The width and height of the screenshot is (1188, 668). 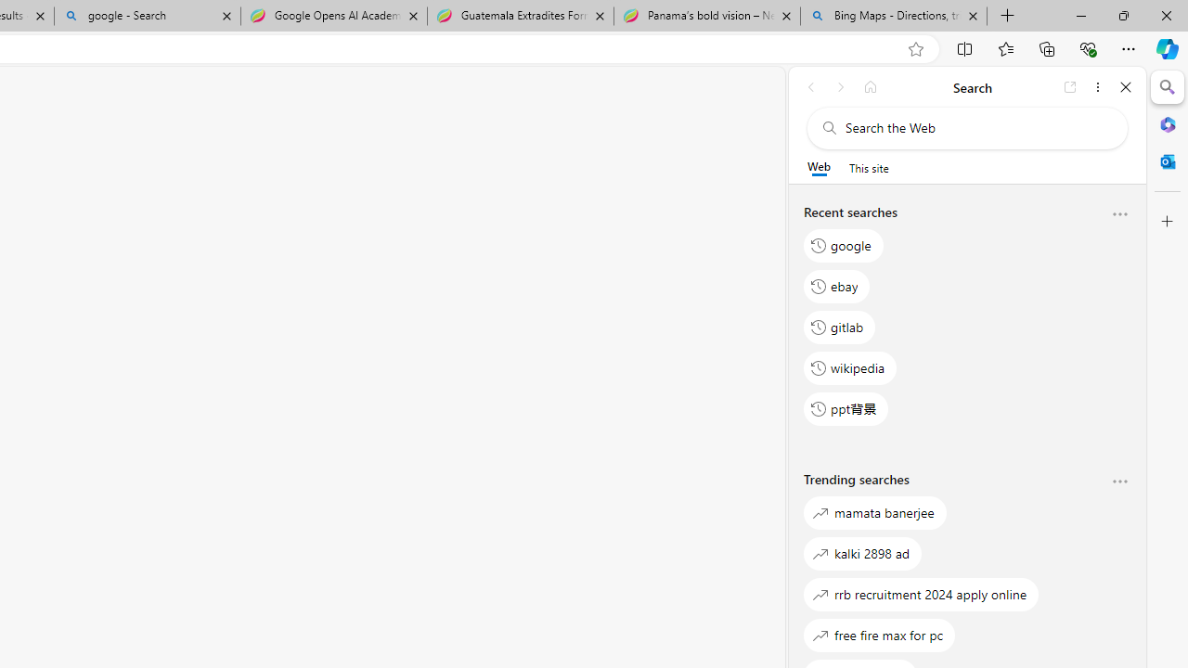 What do you see at coordinates (839, 326) in the screenshot?
I see `'gitlab'` at bounding box center [839, 326].